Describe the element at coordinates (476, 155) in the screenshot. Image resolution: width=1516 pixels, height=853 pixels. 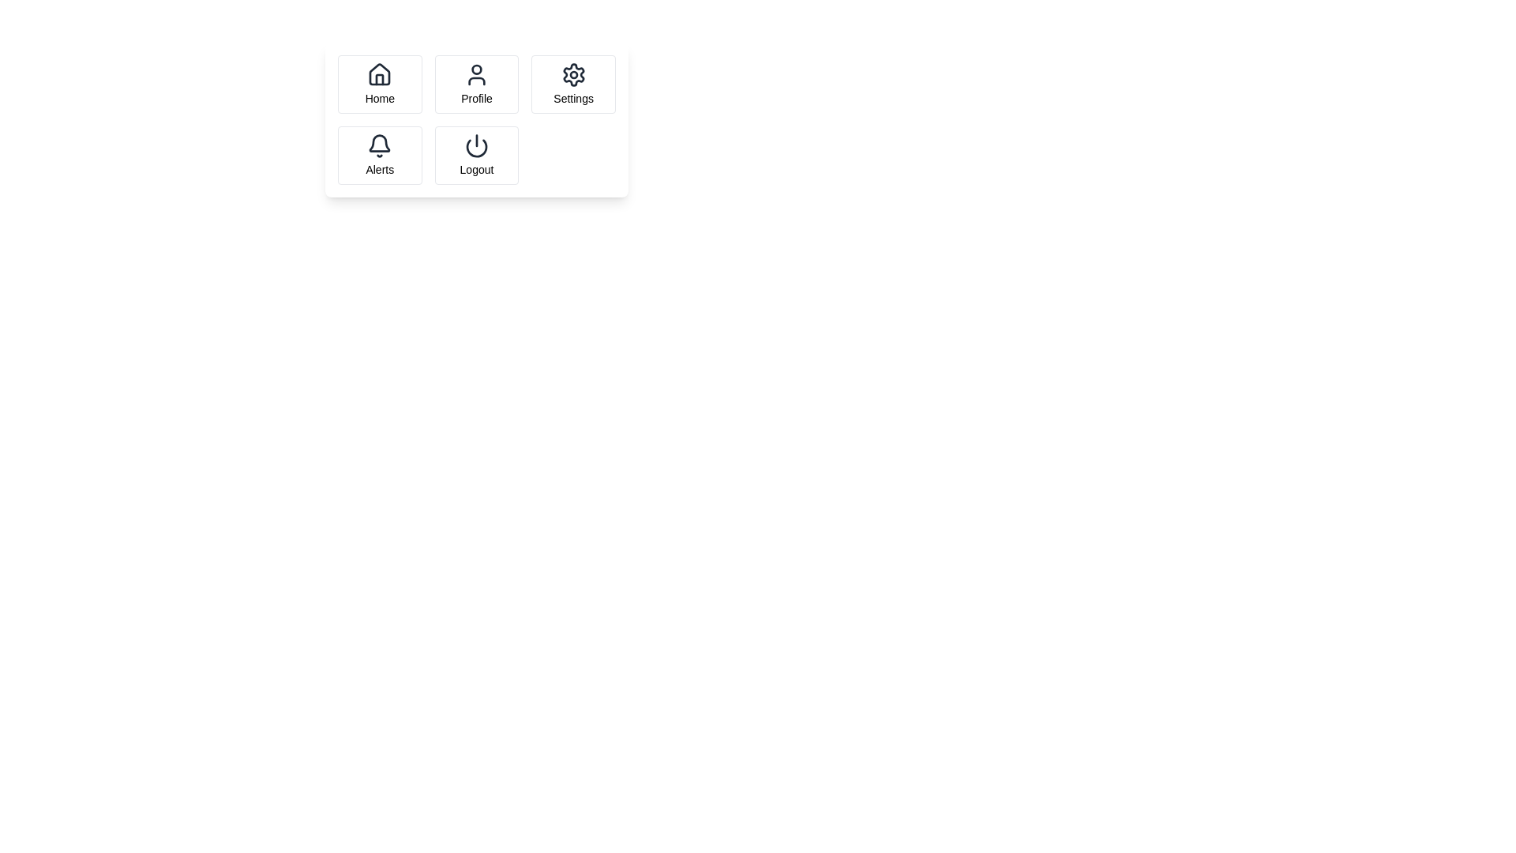
I see `the 'Logout' button, which has a rounded border, a white background, and a power symbol icon above the text` at that location.